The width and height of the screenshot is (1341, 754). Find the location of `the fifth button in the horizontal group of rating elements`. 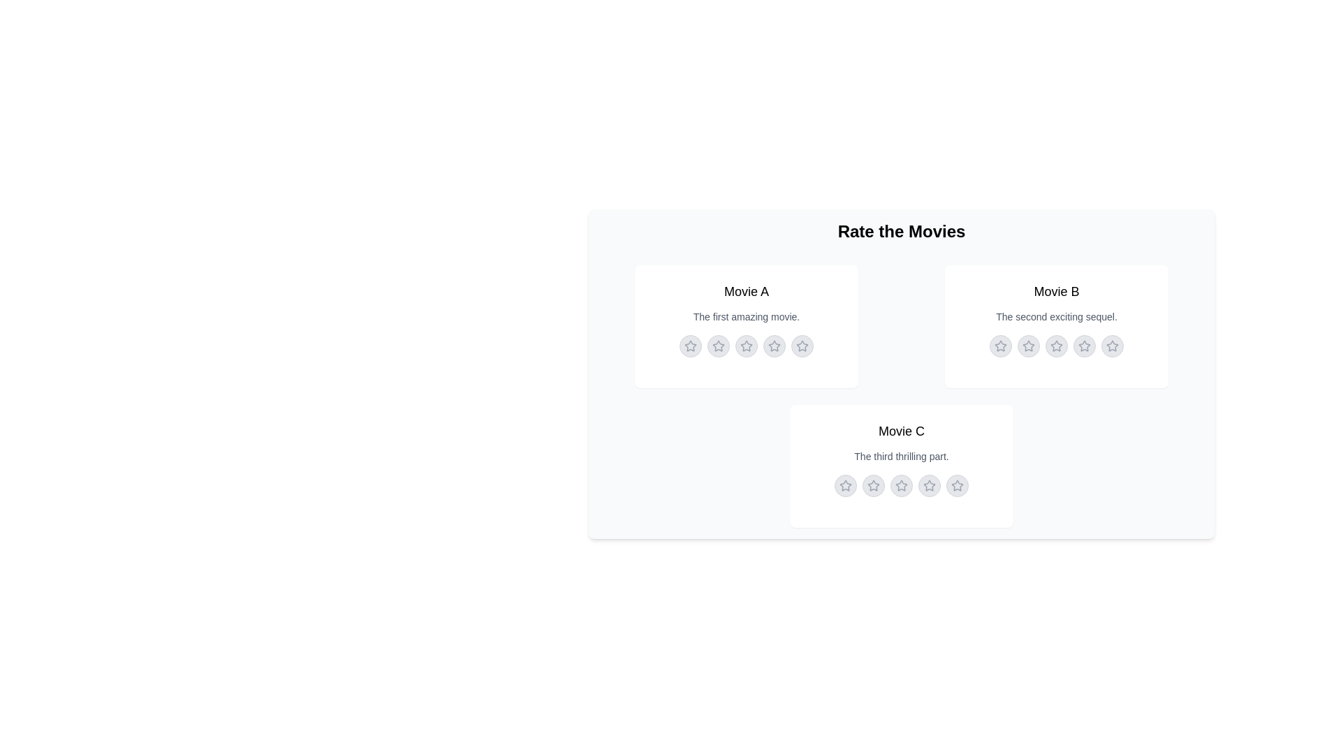

the fifth button in the horizontal group of rating elements is located at coordinates (957, 485).